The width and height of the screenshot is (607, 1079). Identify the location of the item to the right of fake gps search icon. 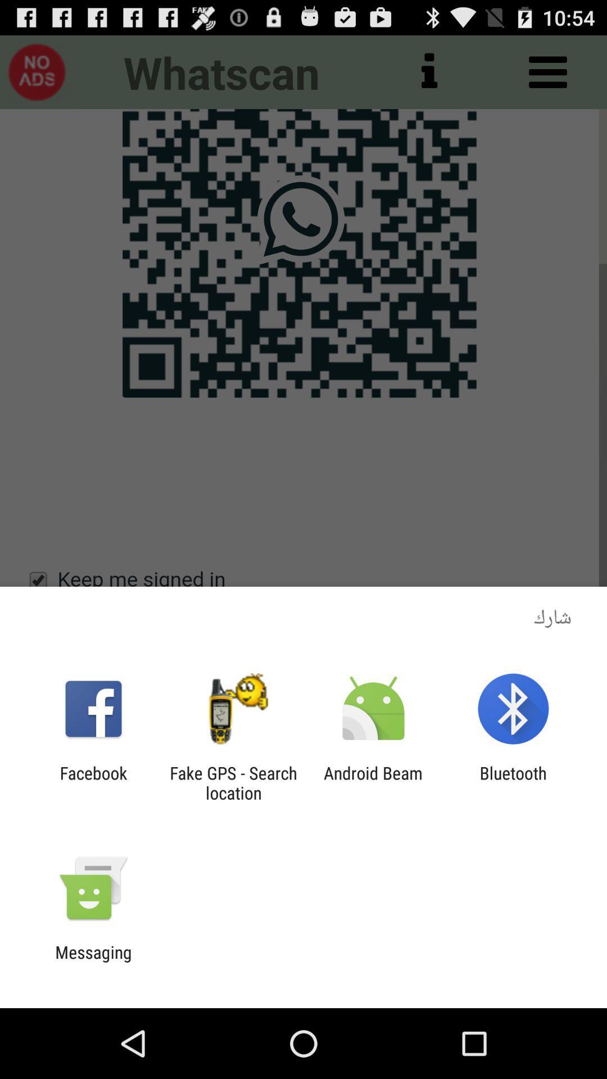
(373, 782).